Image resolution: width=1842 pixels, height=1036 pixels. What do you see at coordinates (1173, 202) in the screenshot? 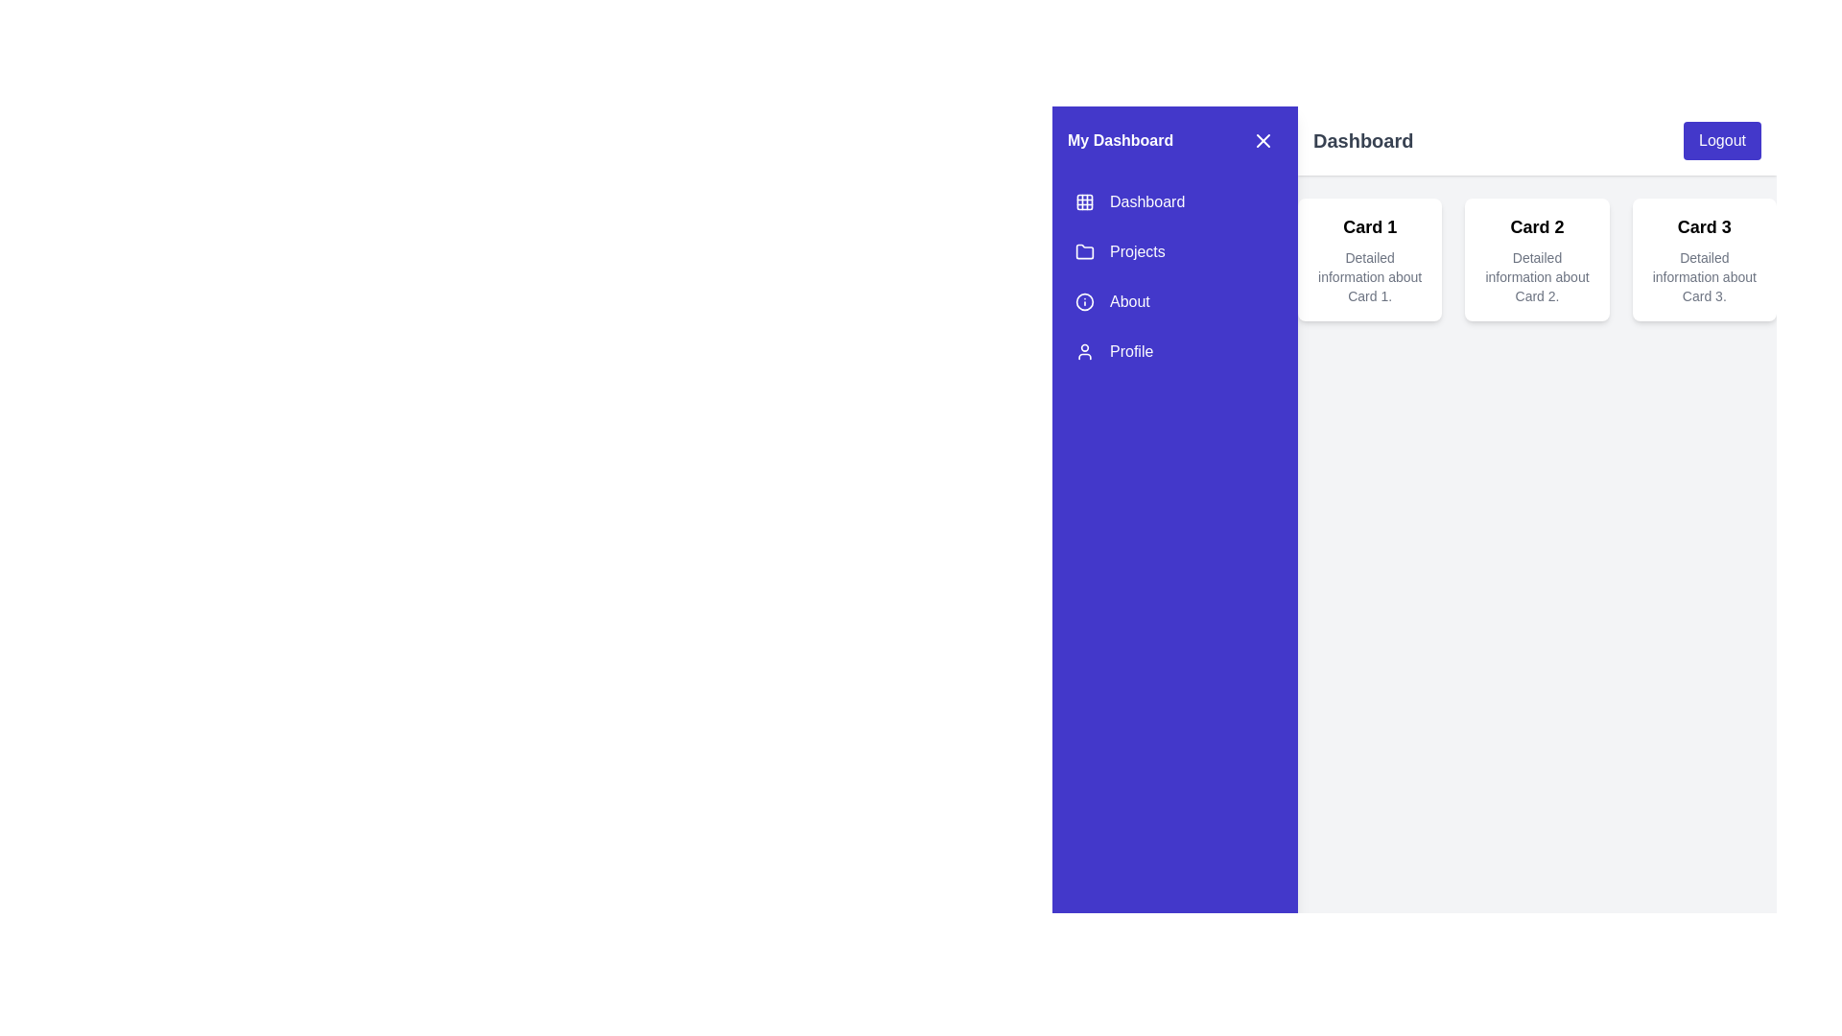
I see `the 'Dashboard' menu item, which is the first element in the vertical navigation menu on the left, featuring a grid icon and text that changes background color on hover` at bounding box center [1173, 202].